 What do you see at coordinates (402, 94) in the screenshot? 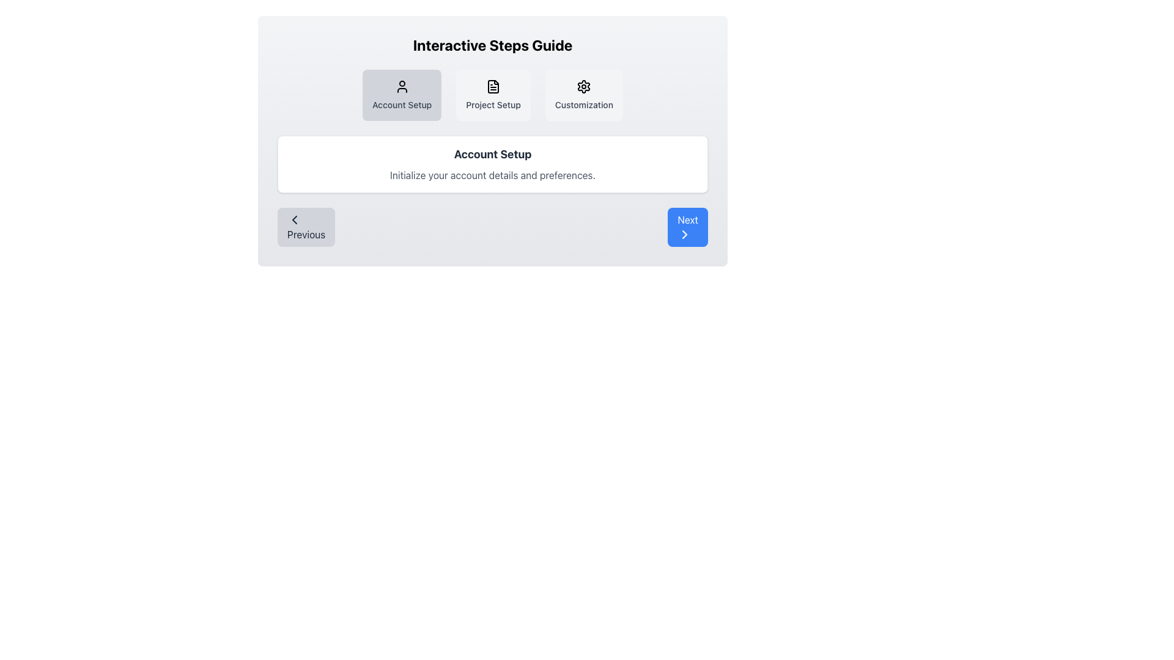
I see `the 'Account Setup' button located in the top-central part of the interface, which has a light gray background, rounded corners, and contains a user profile icon above the text 'Account Setup'` at bounding box center [402, 94].